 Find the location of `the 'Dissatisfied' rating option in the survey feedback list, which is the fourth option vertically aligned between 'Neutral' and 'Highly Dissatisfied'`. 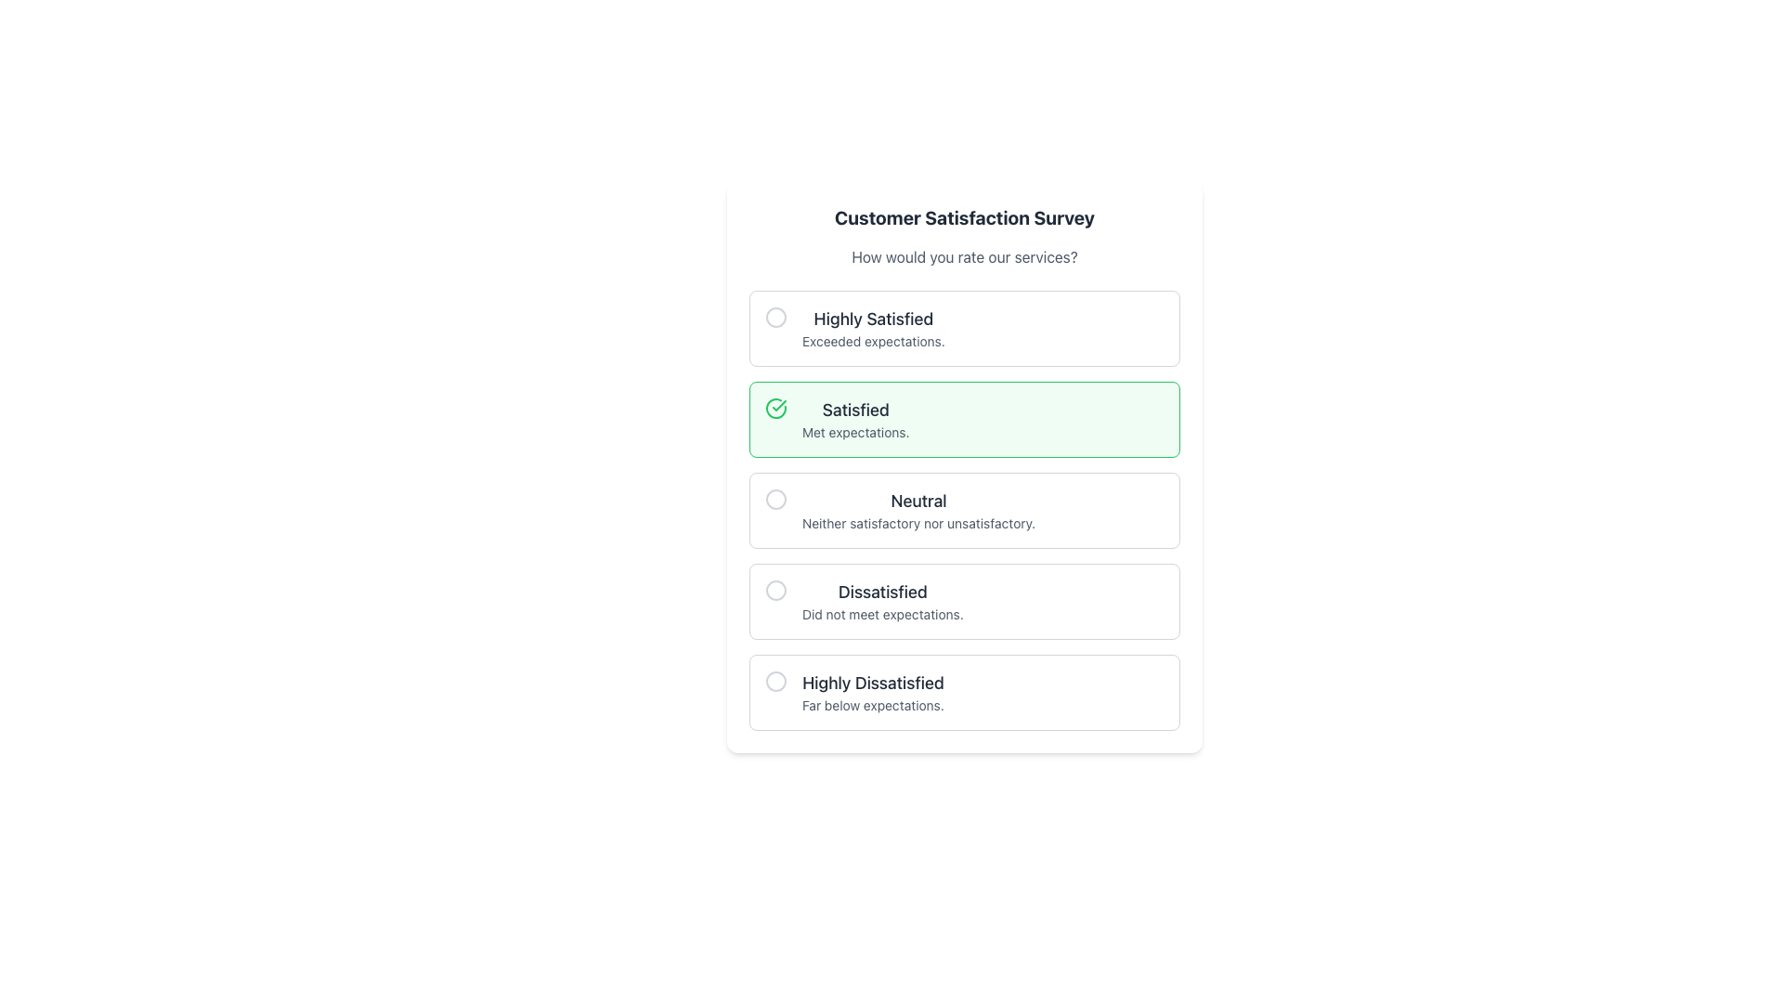

the 'Dissatisfied' rating option in the survey feedback list, which is the fourth option vertically aligned between 'Neutral' and 'Highly Dissatisfied' is located at coordinates (881, 602).